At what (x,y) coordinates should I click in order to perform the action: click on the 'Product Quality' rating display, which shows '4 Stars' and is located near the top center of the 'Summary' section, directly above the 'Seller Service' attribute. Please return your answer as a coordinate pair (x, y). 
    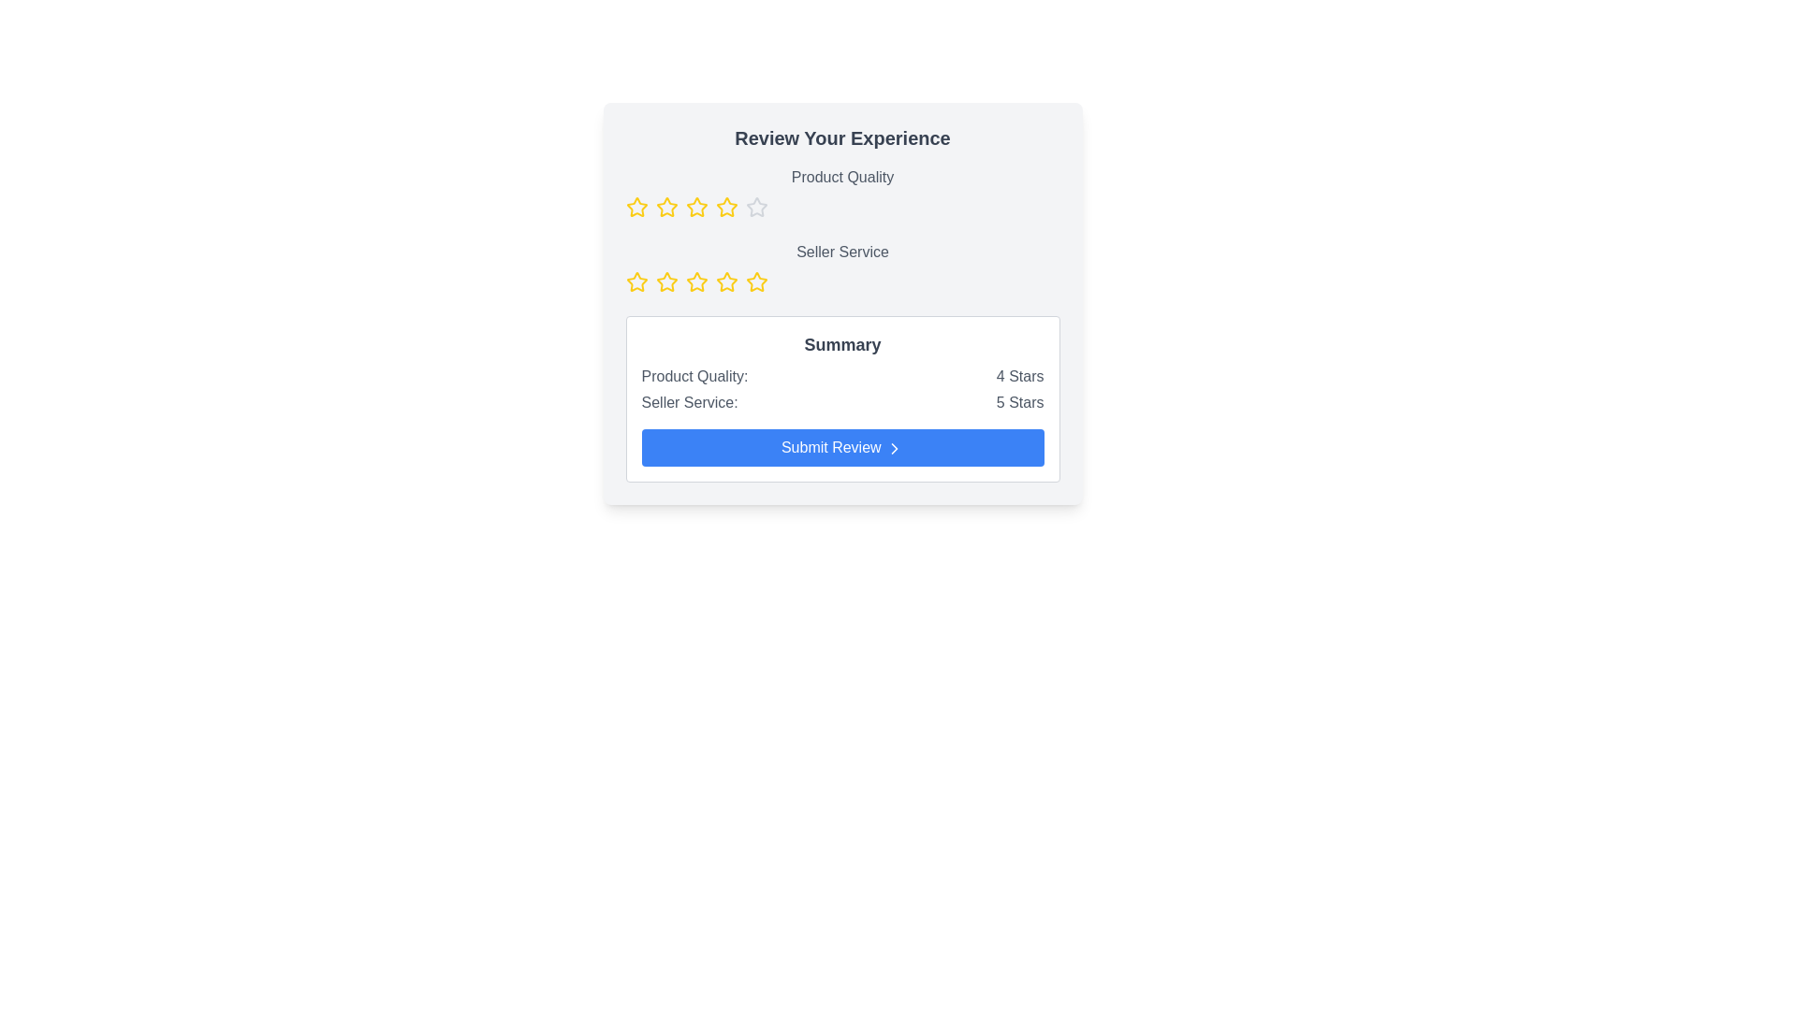
    Looking at the image, I should click on (841, 376).